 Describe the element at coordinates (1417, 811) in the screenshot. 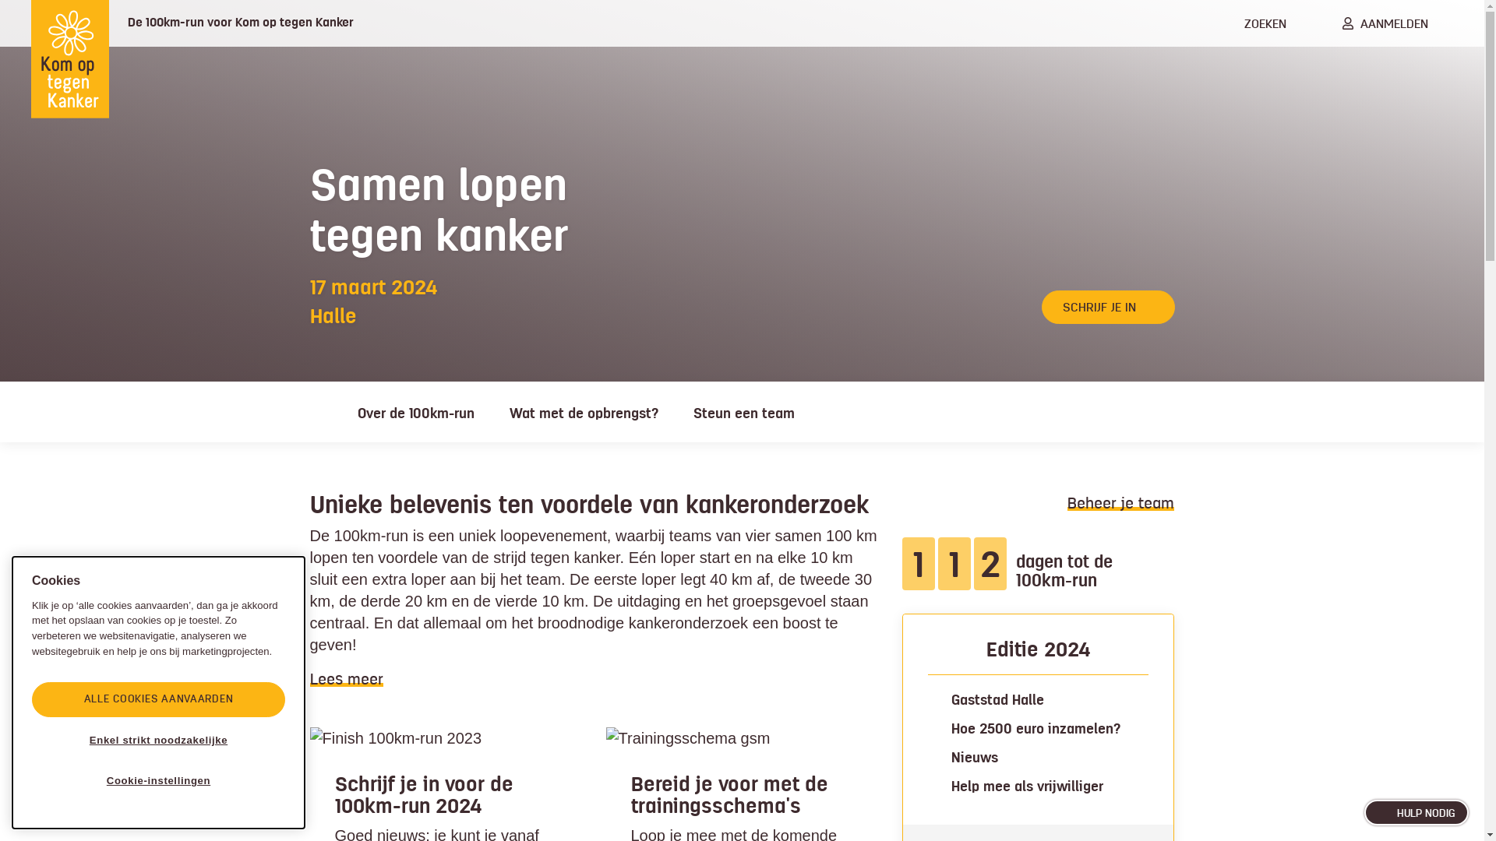

I see `'HULP NODIG'` at that location.